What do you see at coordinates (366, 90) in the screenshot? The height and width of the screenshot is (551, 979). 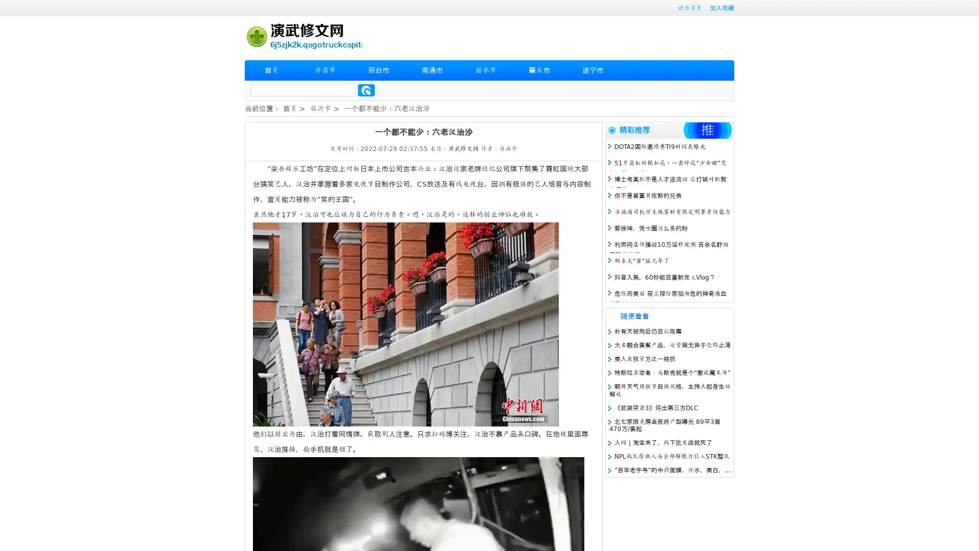 I see `Search` at bounding box center [366, 90].